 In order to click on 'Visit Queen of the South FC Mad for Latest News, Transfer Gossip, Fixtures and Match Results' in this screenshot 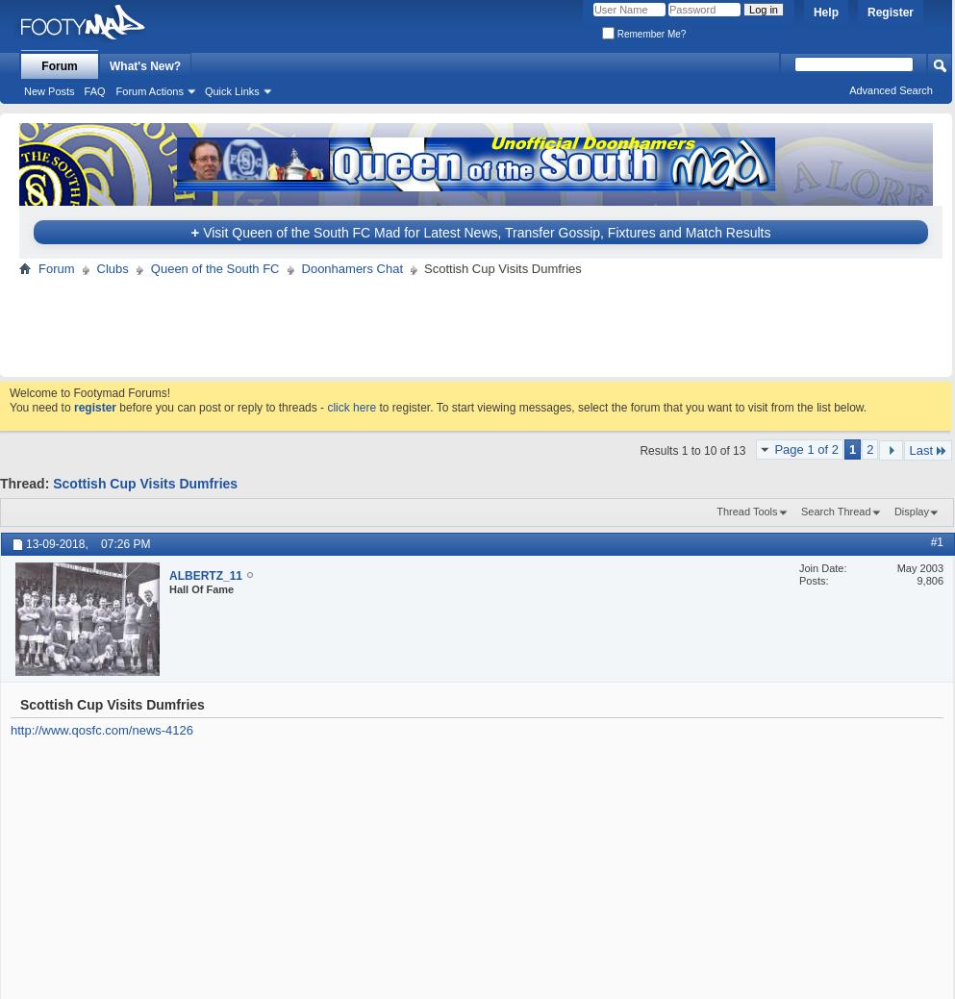, I will do `click(485, 232)`.